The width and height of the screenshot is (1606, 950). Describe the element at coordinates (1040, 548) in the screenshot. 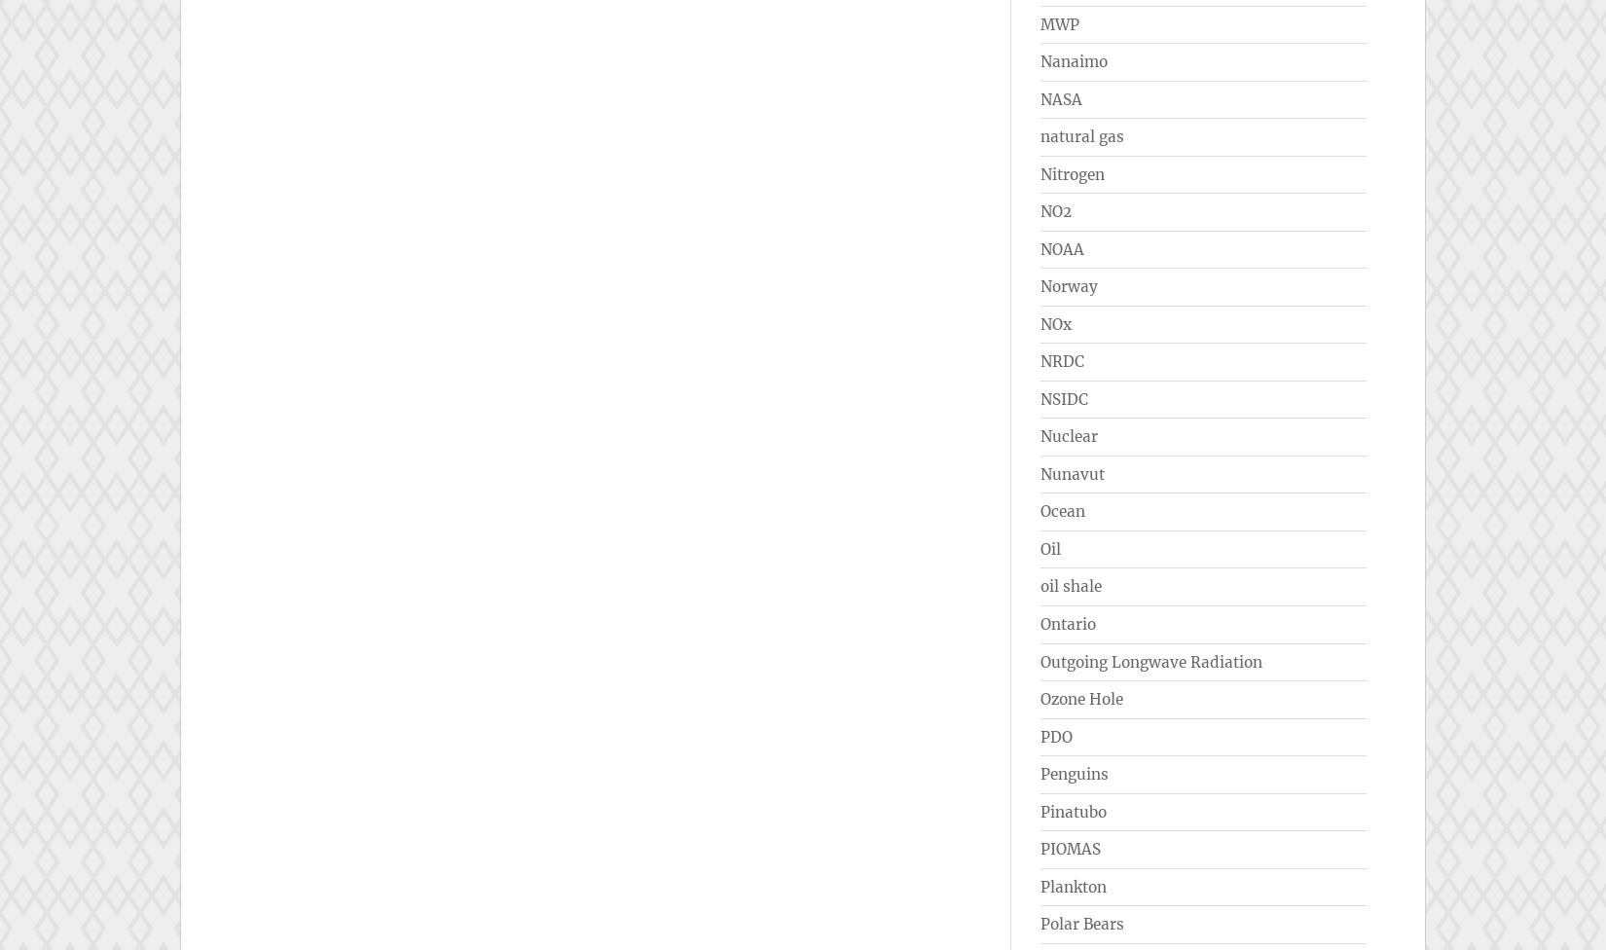

I see `'Oil'` at that location.